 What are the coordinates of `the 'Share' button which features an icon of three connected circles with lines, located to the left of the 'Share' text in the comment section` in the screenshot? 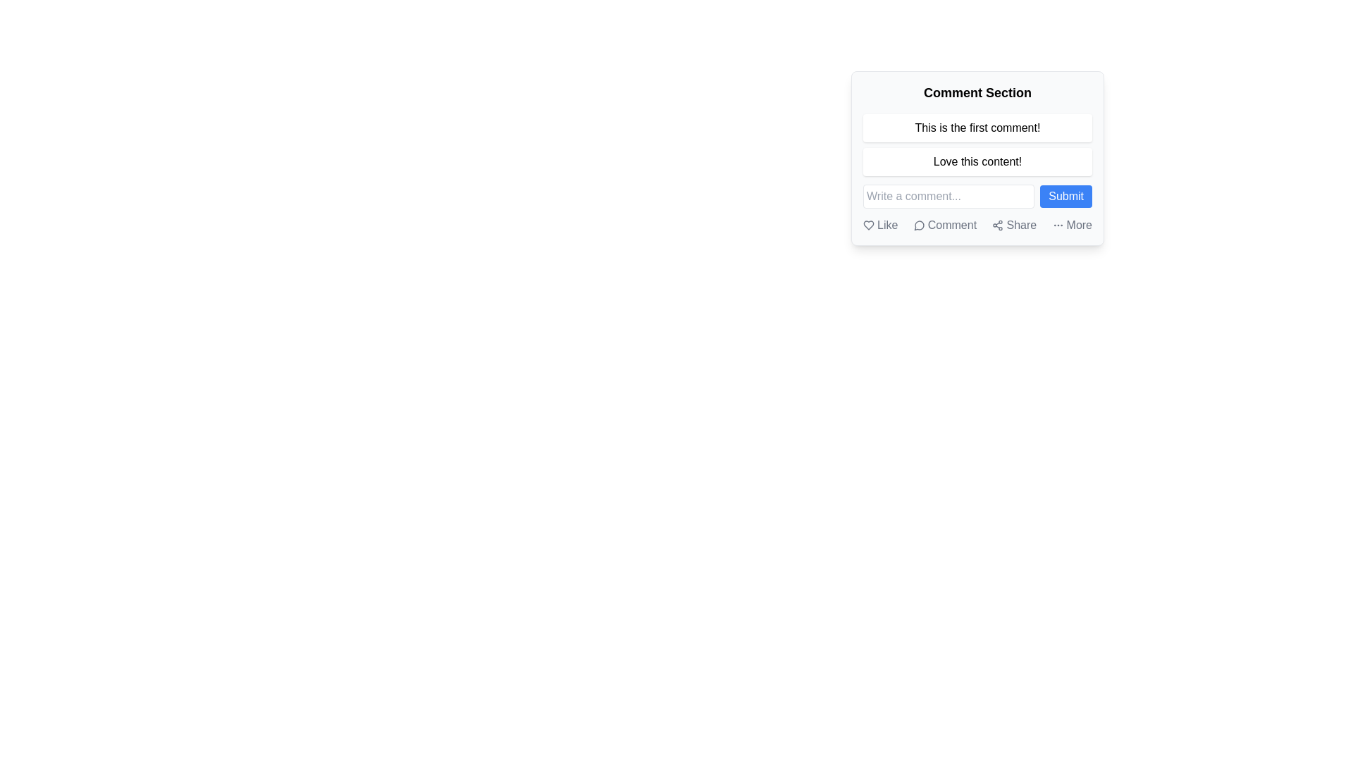 It's located at (997, 225).